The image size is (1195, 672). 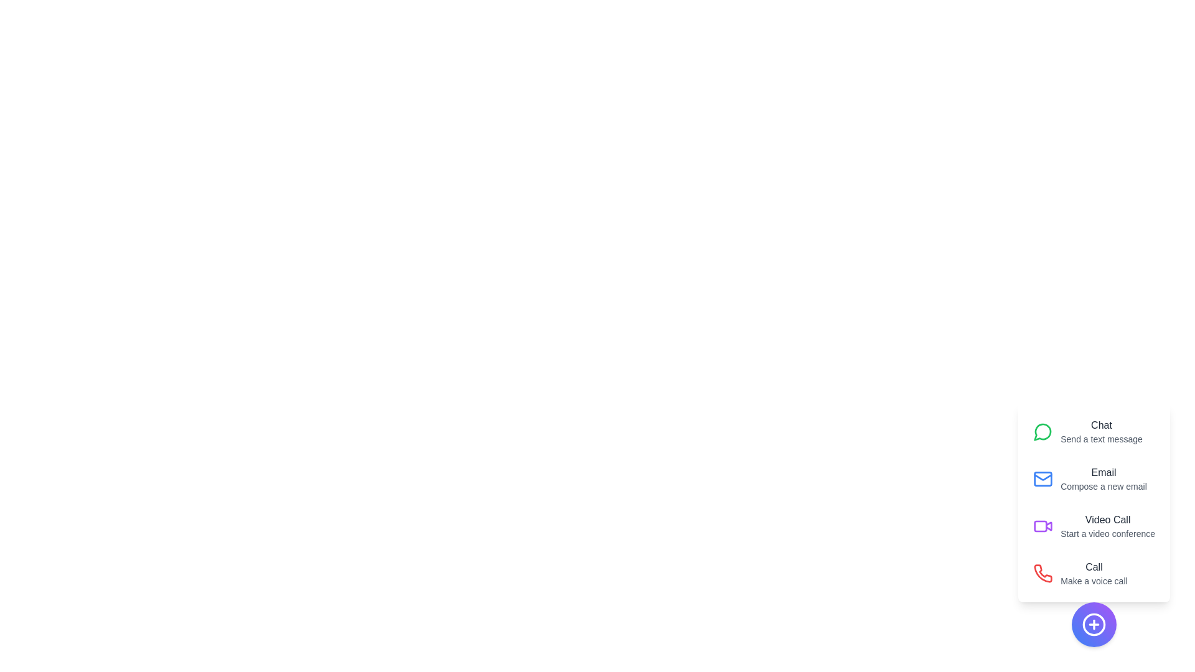 What do you see at coordinates (1093, 526) in the screenshot?
I see `the 'Video Call' option to initiate a video conference` at bounding box center [1093, 526].